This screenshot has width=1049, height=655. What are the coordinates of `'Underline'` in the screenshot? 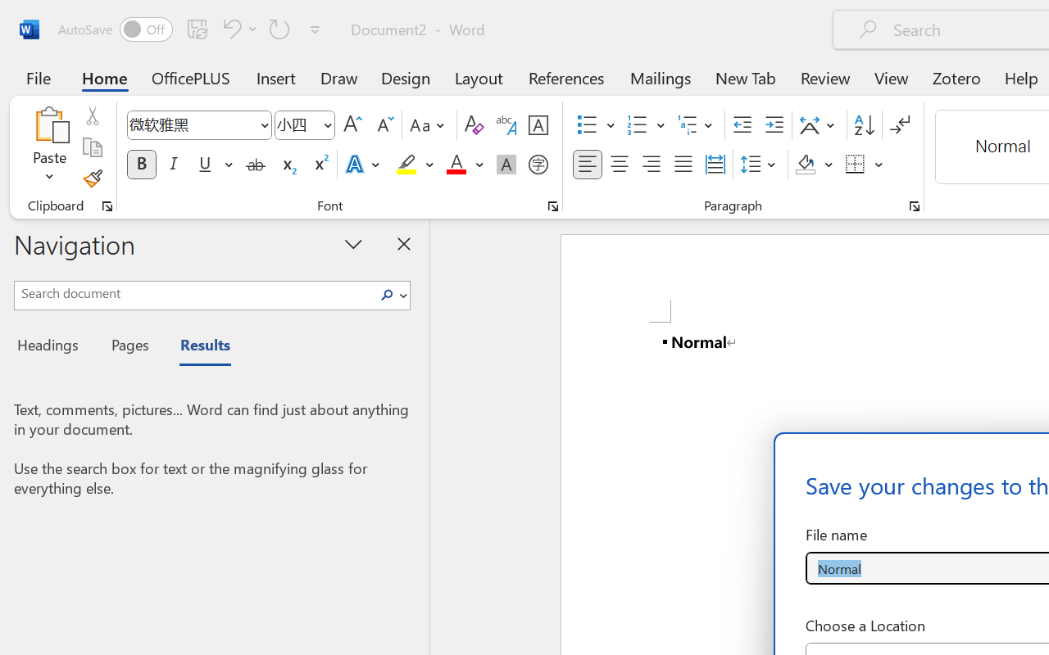 It's located at (204, 165).